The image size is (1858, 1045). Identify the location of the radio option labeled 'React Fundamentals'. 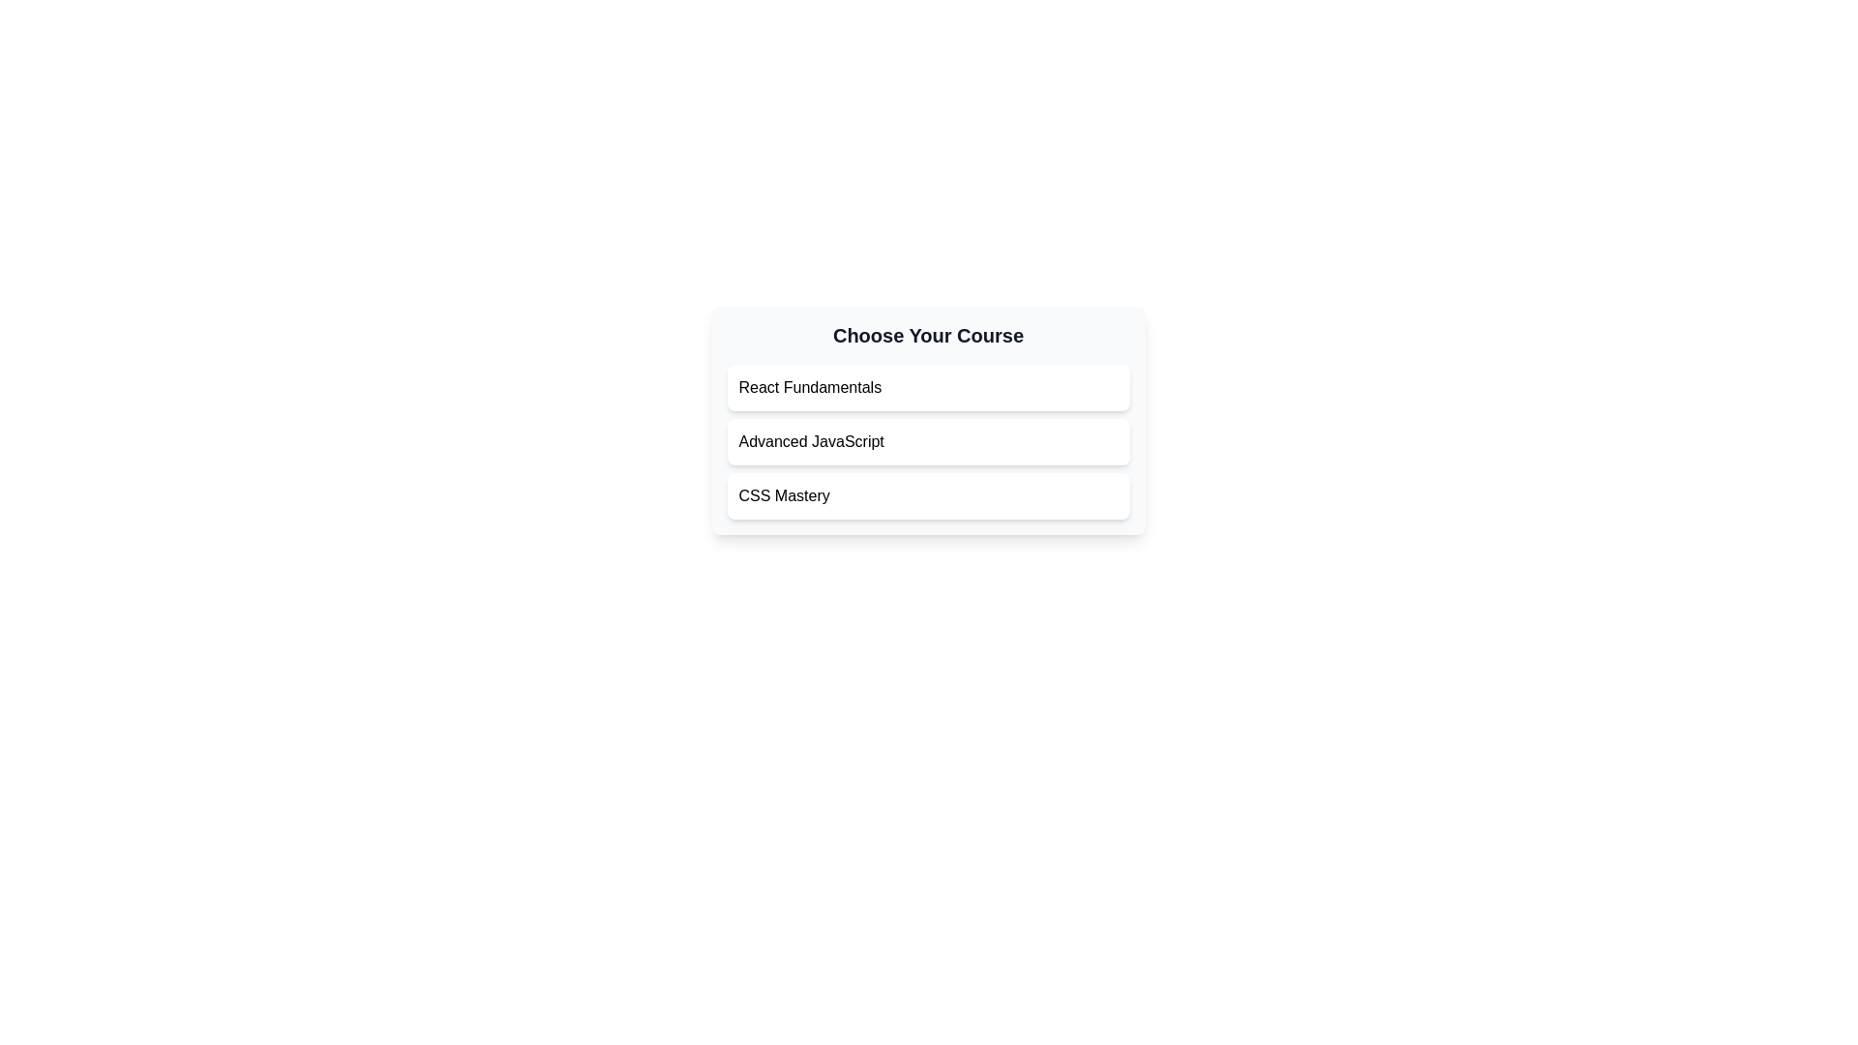
(927, 388).